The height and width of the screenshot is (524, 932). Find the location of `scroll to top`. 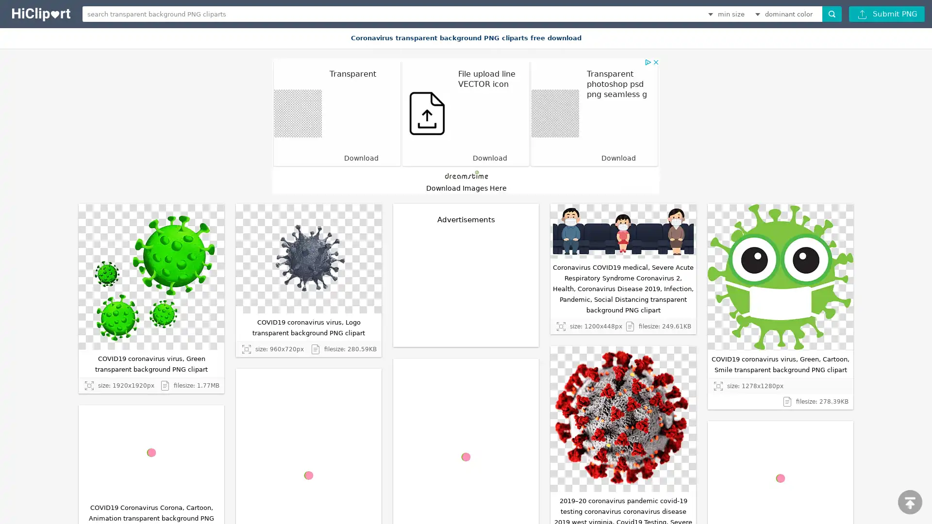

scroll to top is located at coordinates (910, 502).